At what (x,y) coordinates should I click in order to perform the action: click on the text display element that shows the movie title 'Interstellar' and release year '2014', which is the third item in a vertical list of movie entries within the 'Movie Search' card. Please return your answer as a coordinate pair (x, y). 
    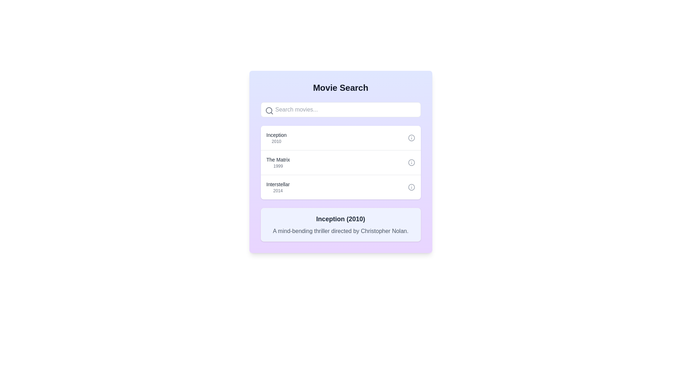
    Looking at the image, I should click on (278, 187).